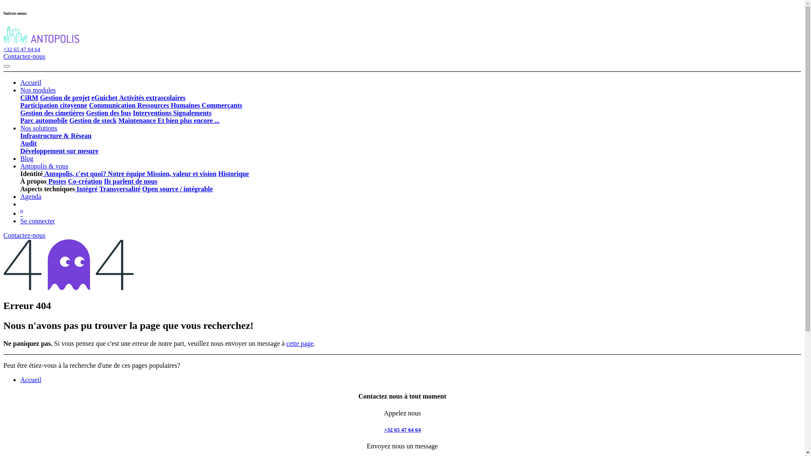 Image resolution: width=811 pixels, height=456 pixels. Describe the element at coordinates (44, 173) in the screenshot. I see `'Antopolis, c'est quoi?'` at that location.